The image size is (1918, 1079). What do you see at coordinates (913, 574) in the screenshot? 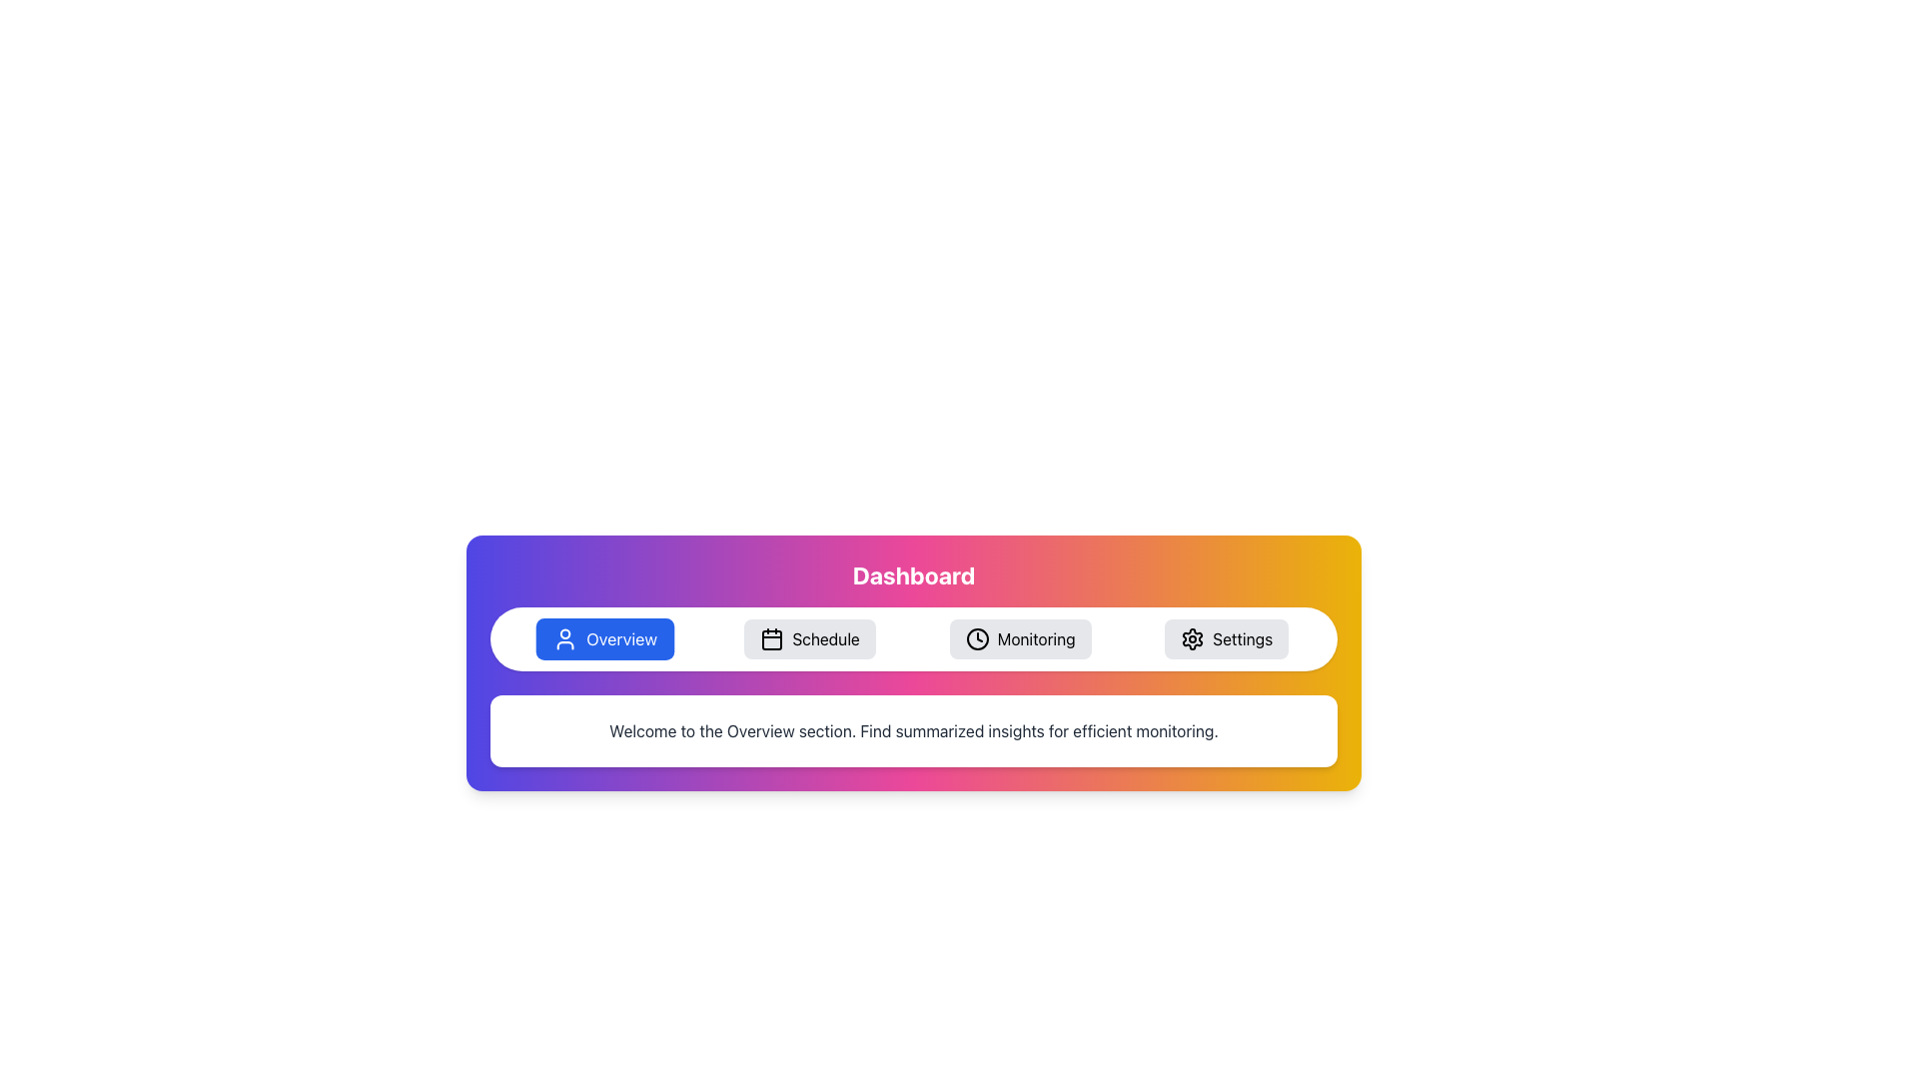
I see `the 'Dashboard' text label, which serves as a title for the current section of the interface, positioned centrally at the top of the gradient section` at bounding box center [913, 574].